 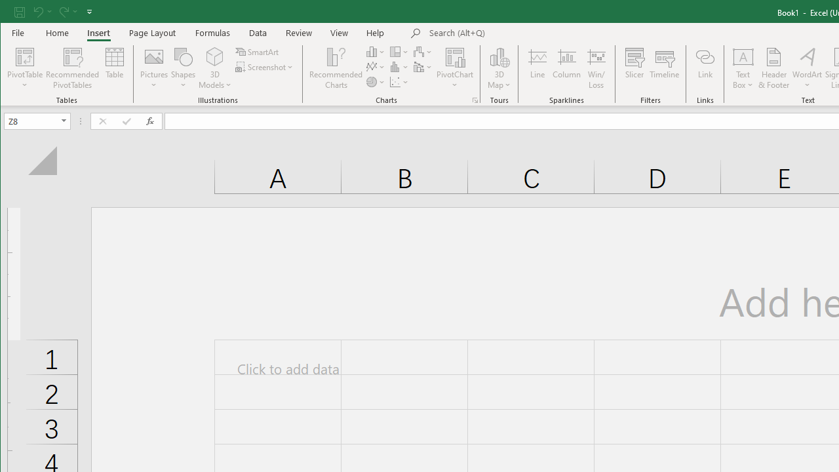 What do you see at coordinates (807, 68) in the screenshot?
I see `'WordArt'` at bounding box center [807, 68].